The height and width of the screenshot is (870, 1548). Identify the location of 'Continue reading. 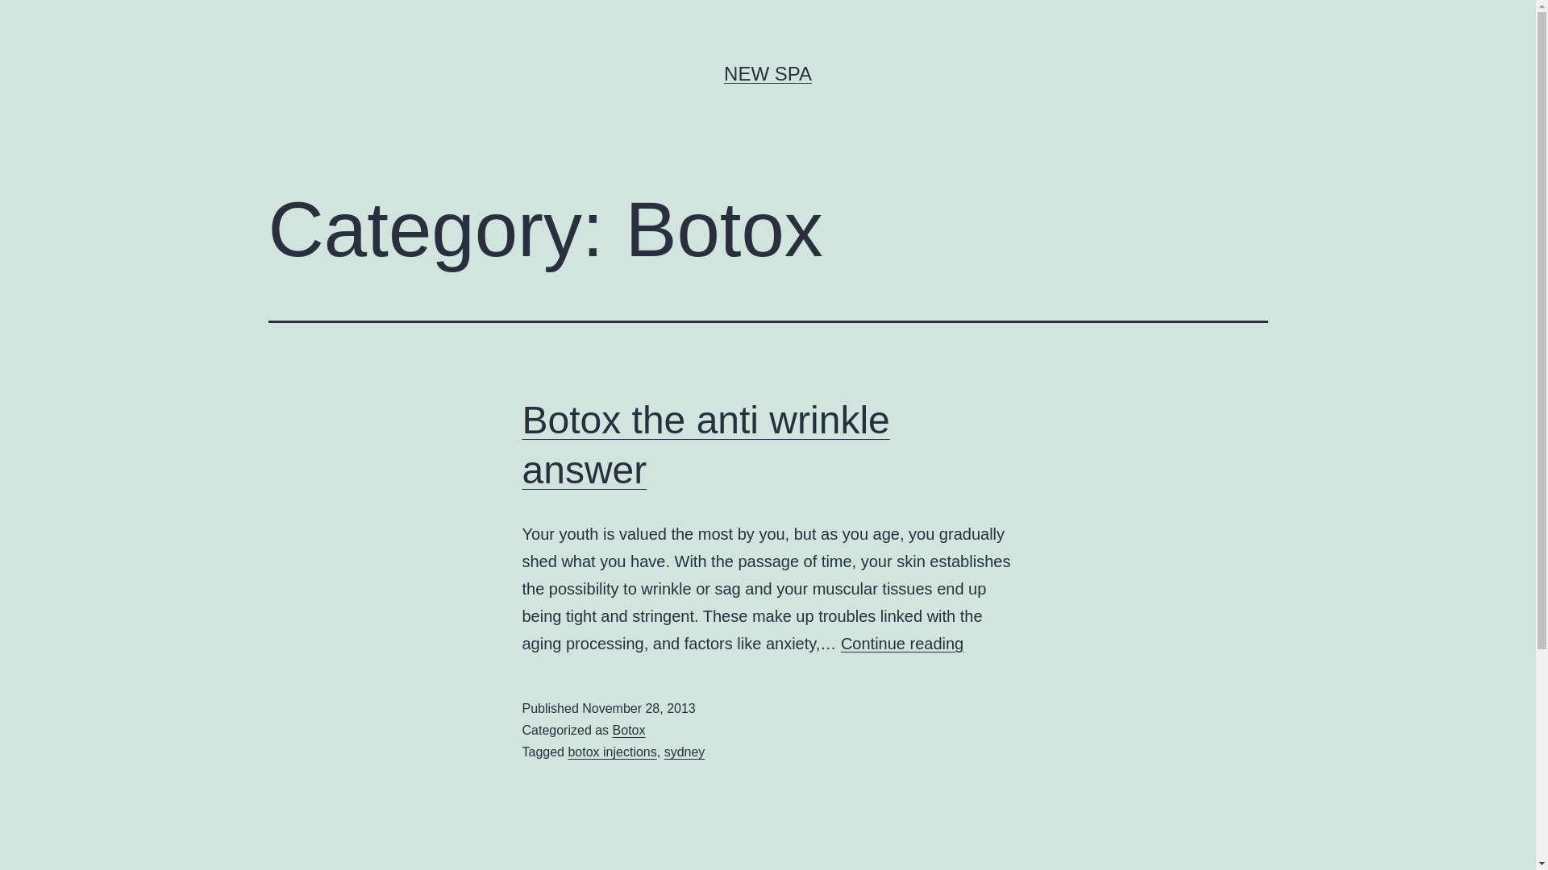
(901, 642).